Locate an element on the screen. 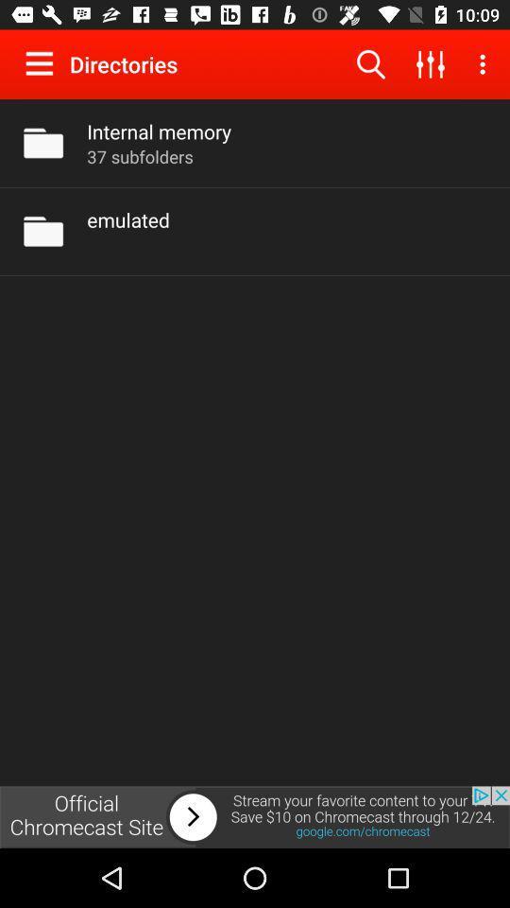  show menu is located at coordinates (43, 63).